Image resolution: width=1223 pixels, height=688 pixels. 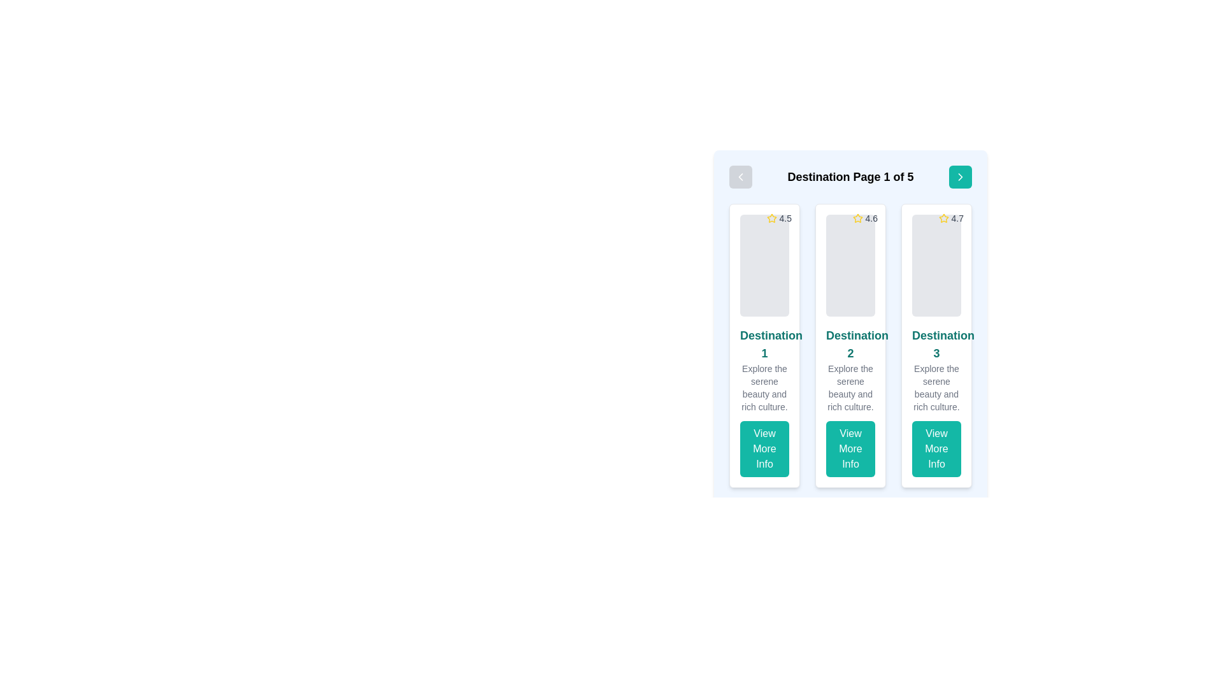 What do you see at coordinates (850, 176) in the screenshot?
I see `the text label displaying 'Destination Page 1 of 5' which is centered within a horizontal bar at the top of the interface` at bounding box center [850, 176].